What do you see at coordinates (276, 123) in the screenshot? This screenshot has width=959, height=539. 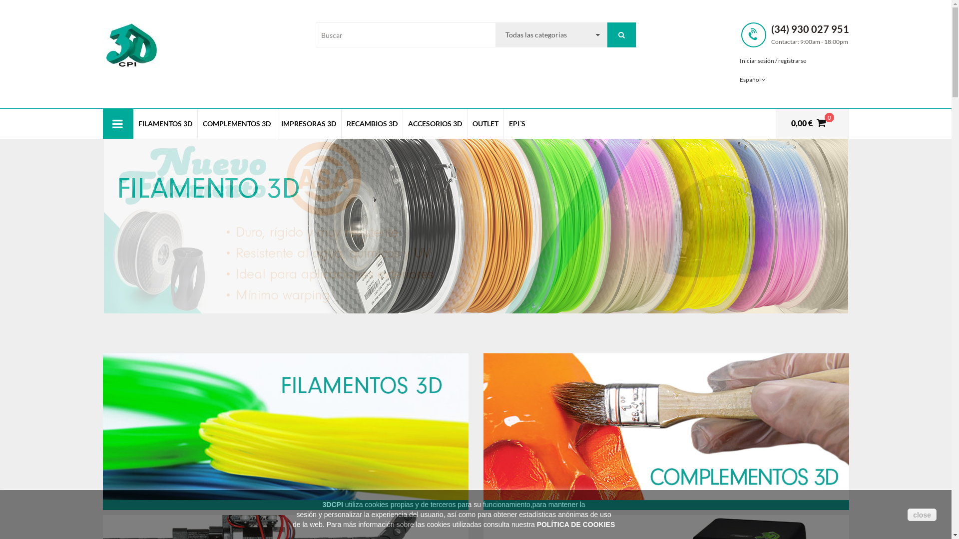 I see `'IMPRESORAS 3D'` at bounding box center [276, 123].